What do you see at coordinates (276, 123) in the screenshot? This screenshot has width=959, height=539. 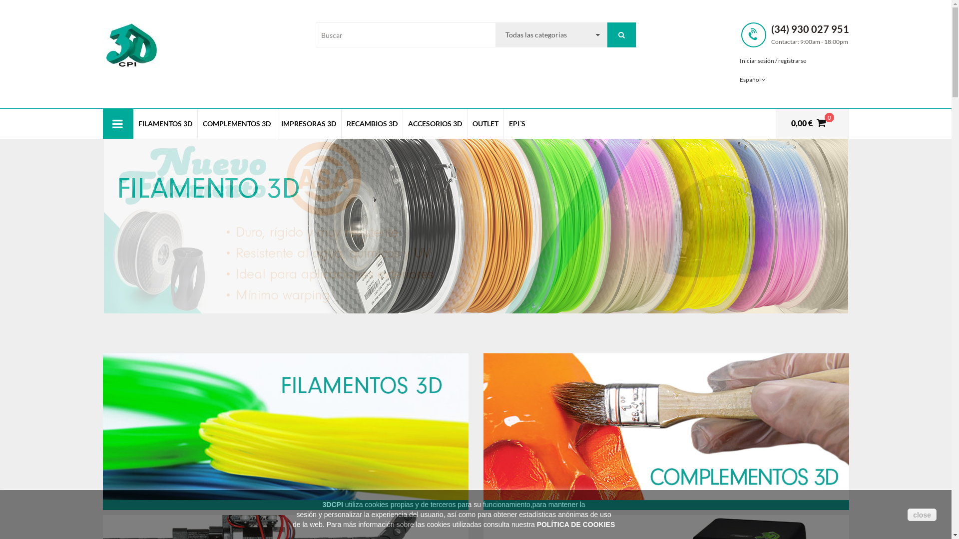 I see `'IMPRESORAS 3D'` at bounding box center [276, 123].